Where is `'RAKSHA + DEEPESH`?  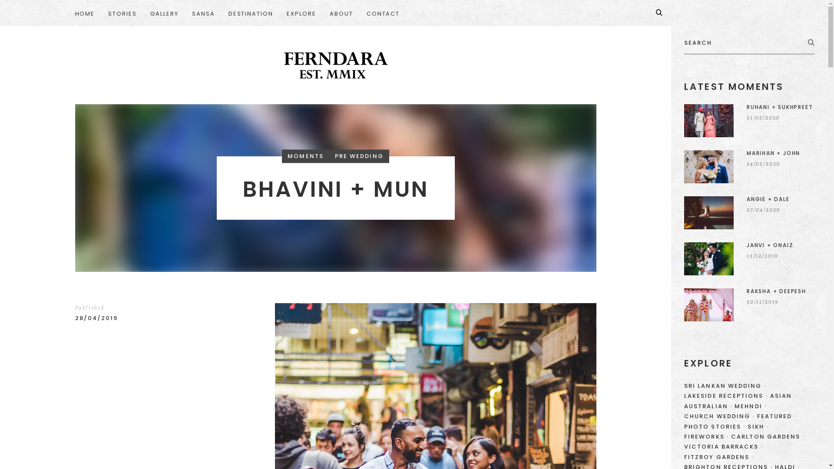 'RAKSHA + DEEPESH is located at coordinates (748, 304).